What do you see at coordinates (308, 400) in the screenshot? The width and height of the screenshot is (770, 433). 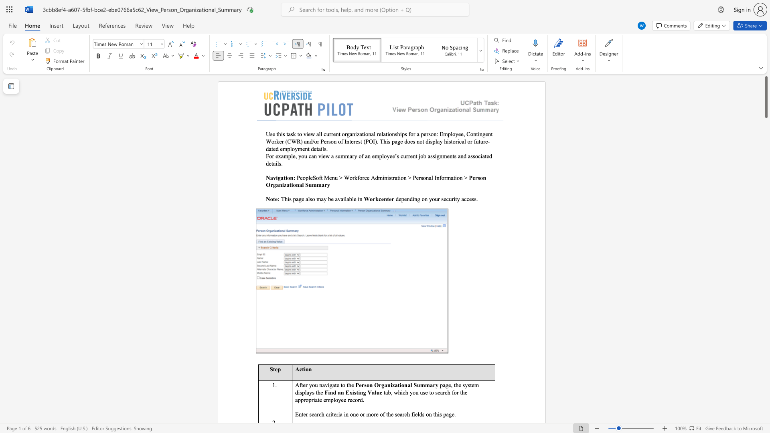 I see `the space between the continuous character "o" and "p" in the text` at bounding box center [308, 400].